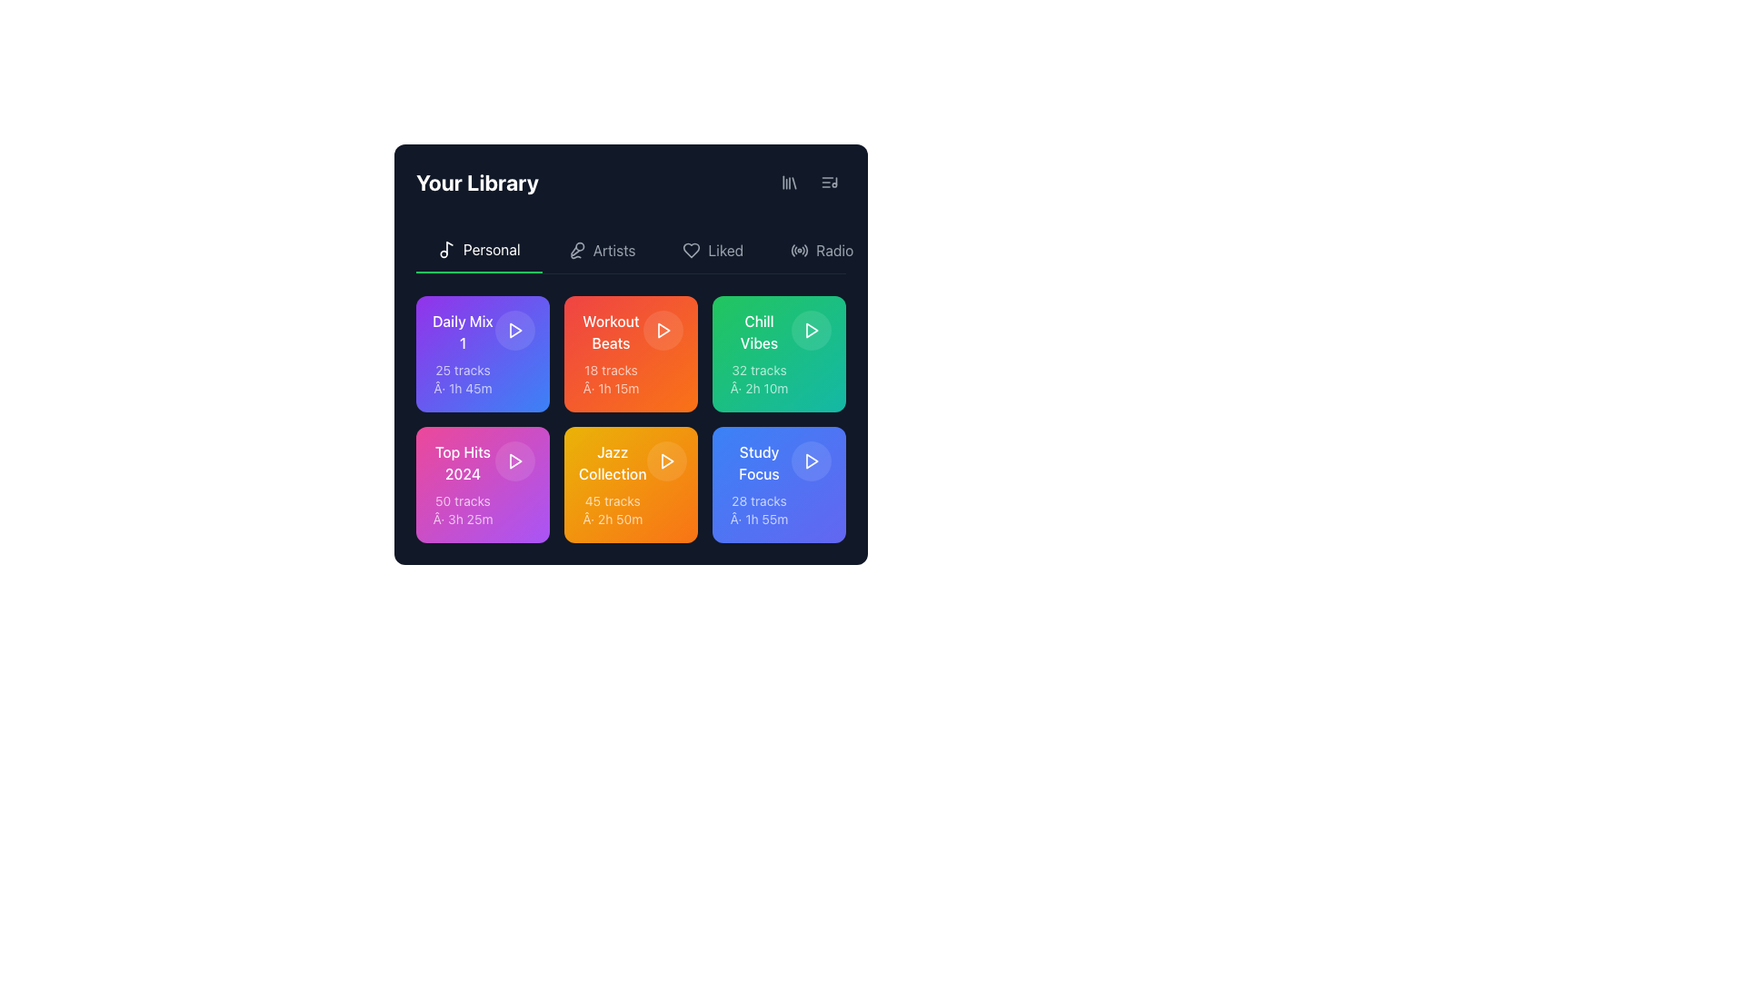 This screenshot has width=1745, height=981. Describe the element at coordinates (810, 461) in the screenshot. I see `the 'Play' button located within the 'Study Focus' card` at that location.